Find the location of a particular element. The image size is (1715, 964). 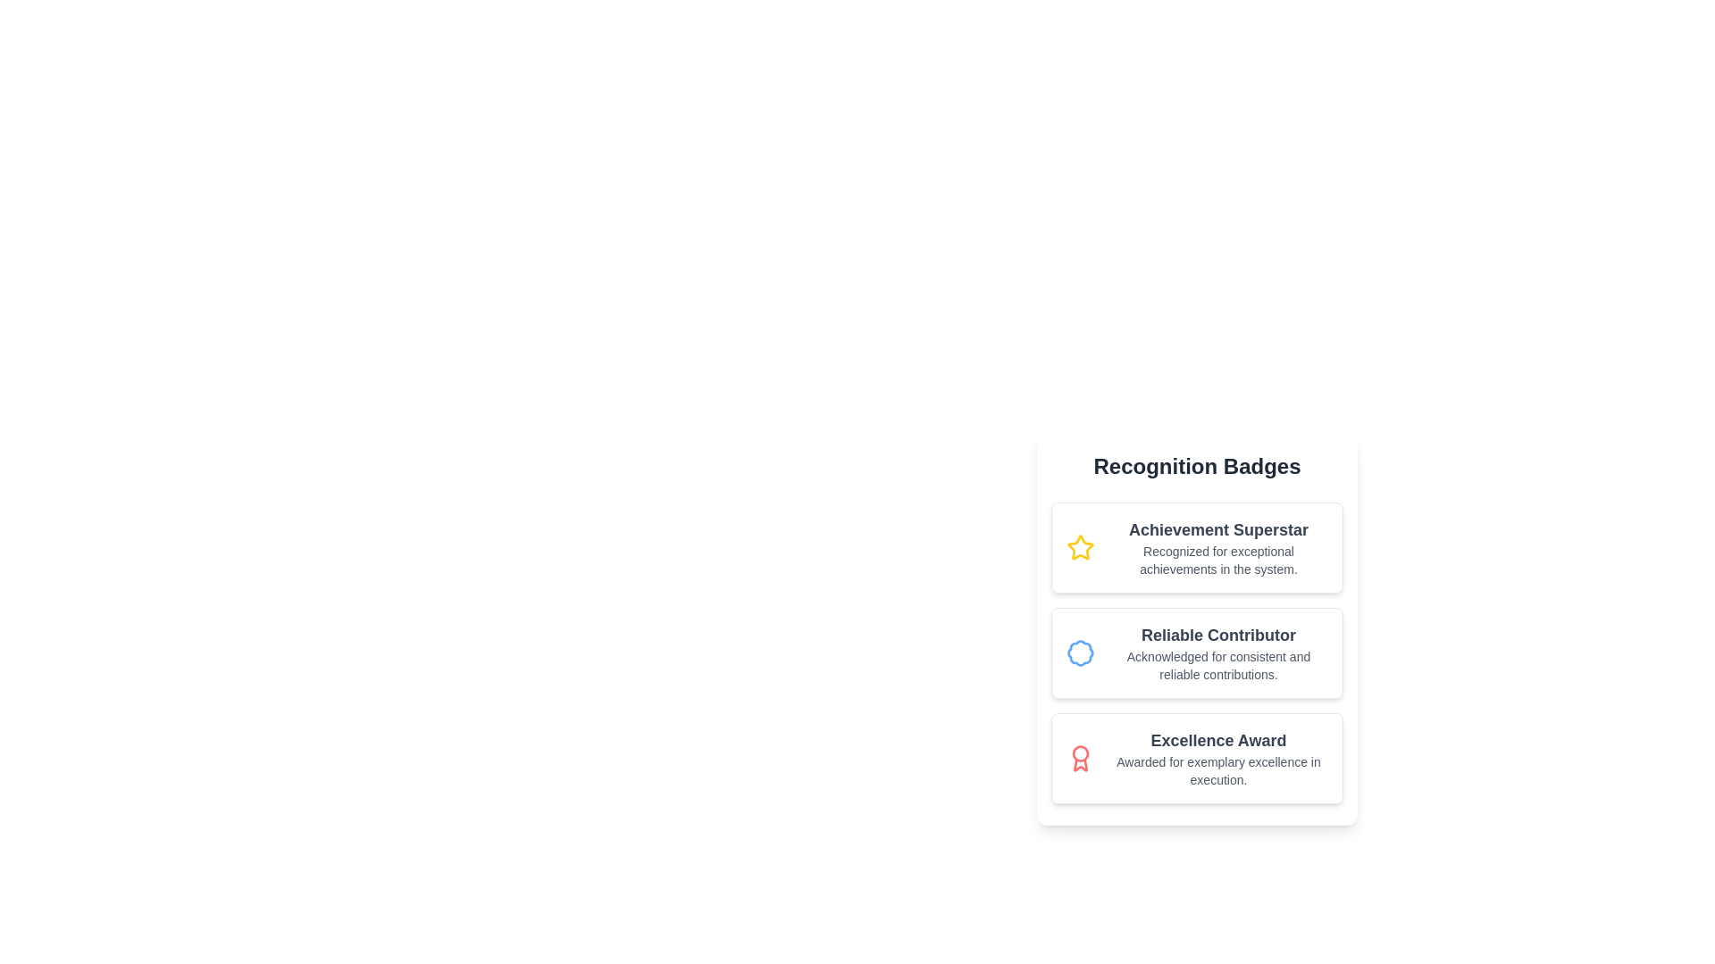

the 'Recognition Badges' text element, which is displayed in large bold font and serves as the title for the section above the badge descriptions is located at coordinates (1197, 466).